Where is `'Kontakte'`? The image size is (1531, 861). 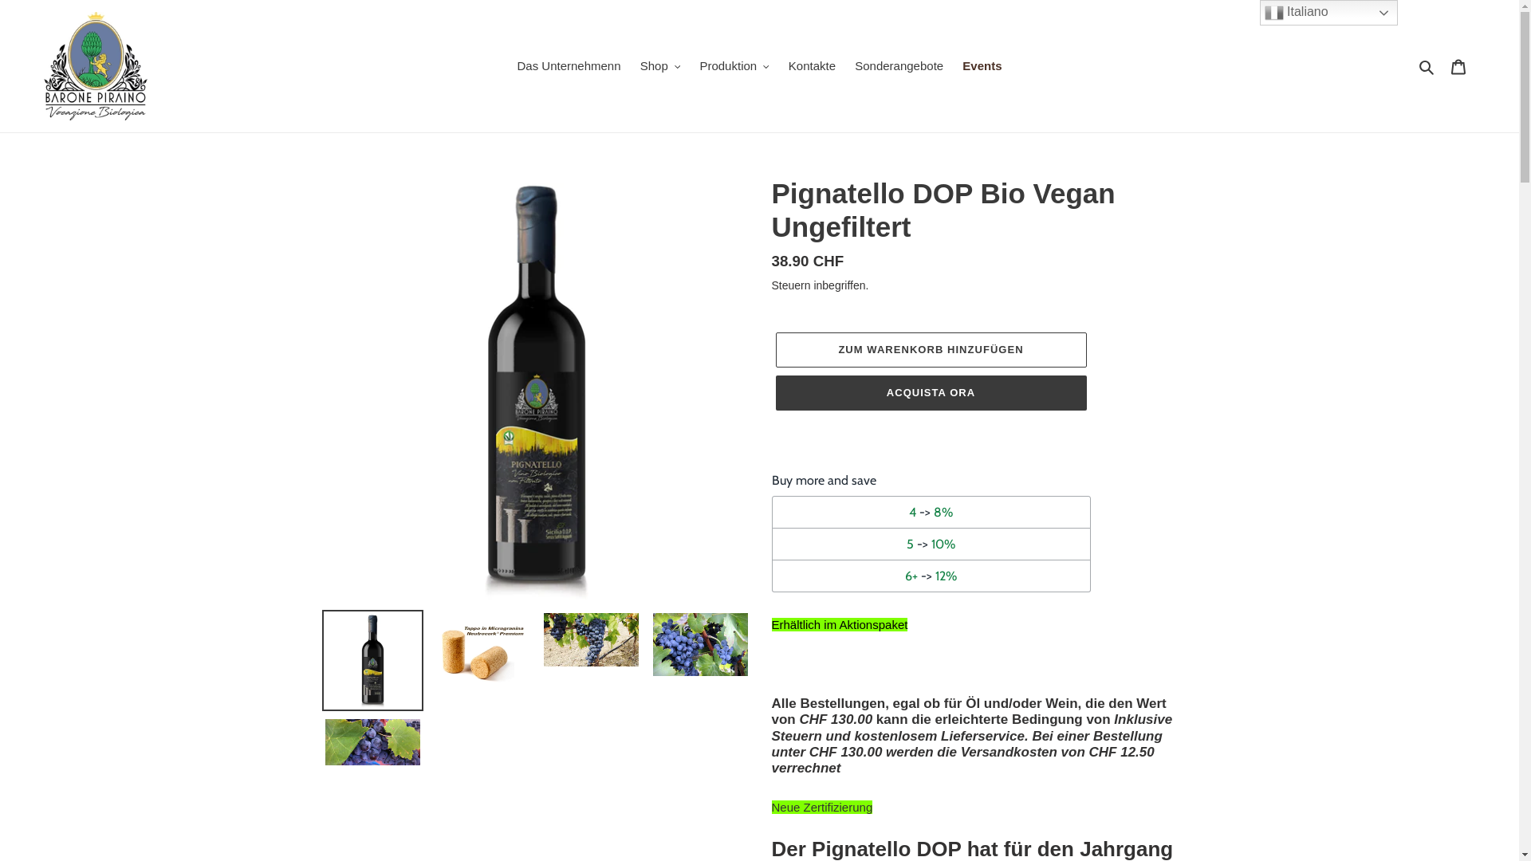 'Kontakte' is located at coordinates (812, 65).